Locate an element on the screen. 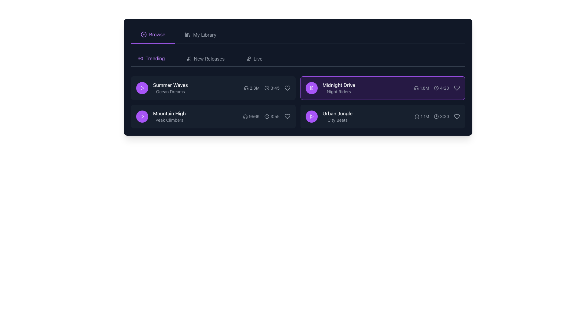 This screenshot has height=327, width=581. the 'My Library' button, which features a gray text label and a stacked books icon, located in the horizontal navigation menu at the top of the interface is located at coordinates (200, 35).